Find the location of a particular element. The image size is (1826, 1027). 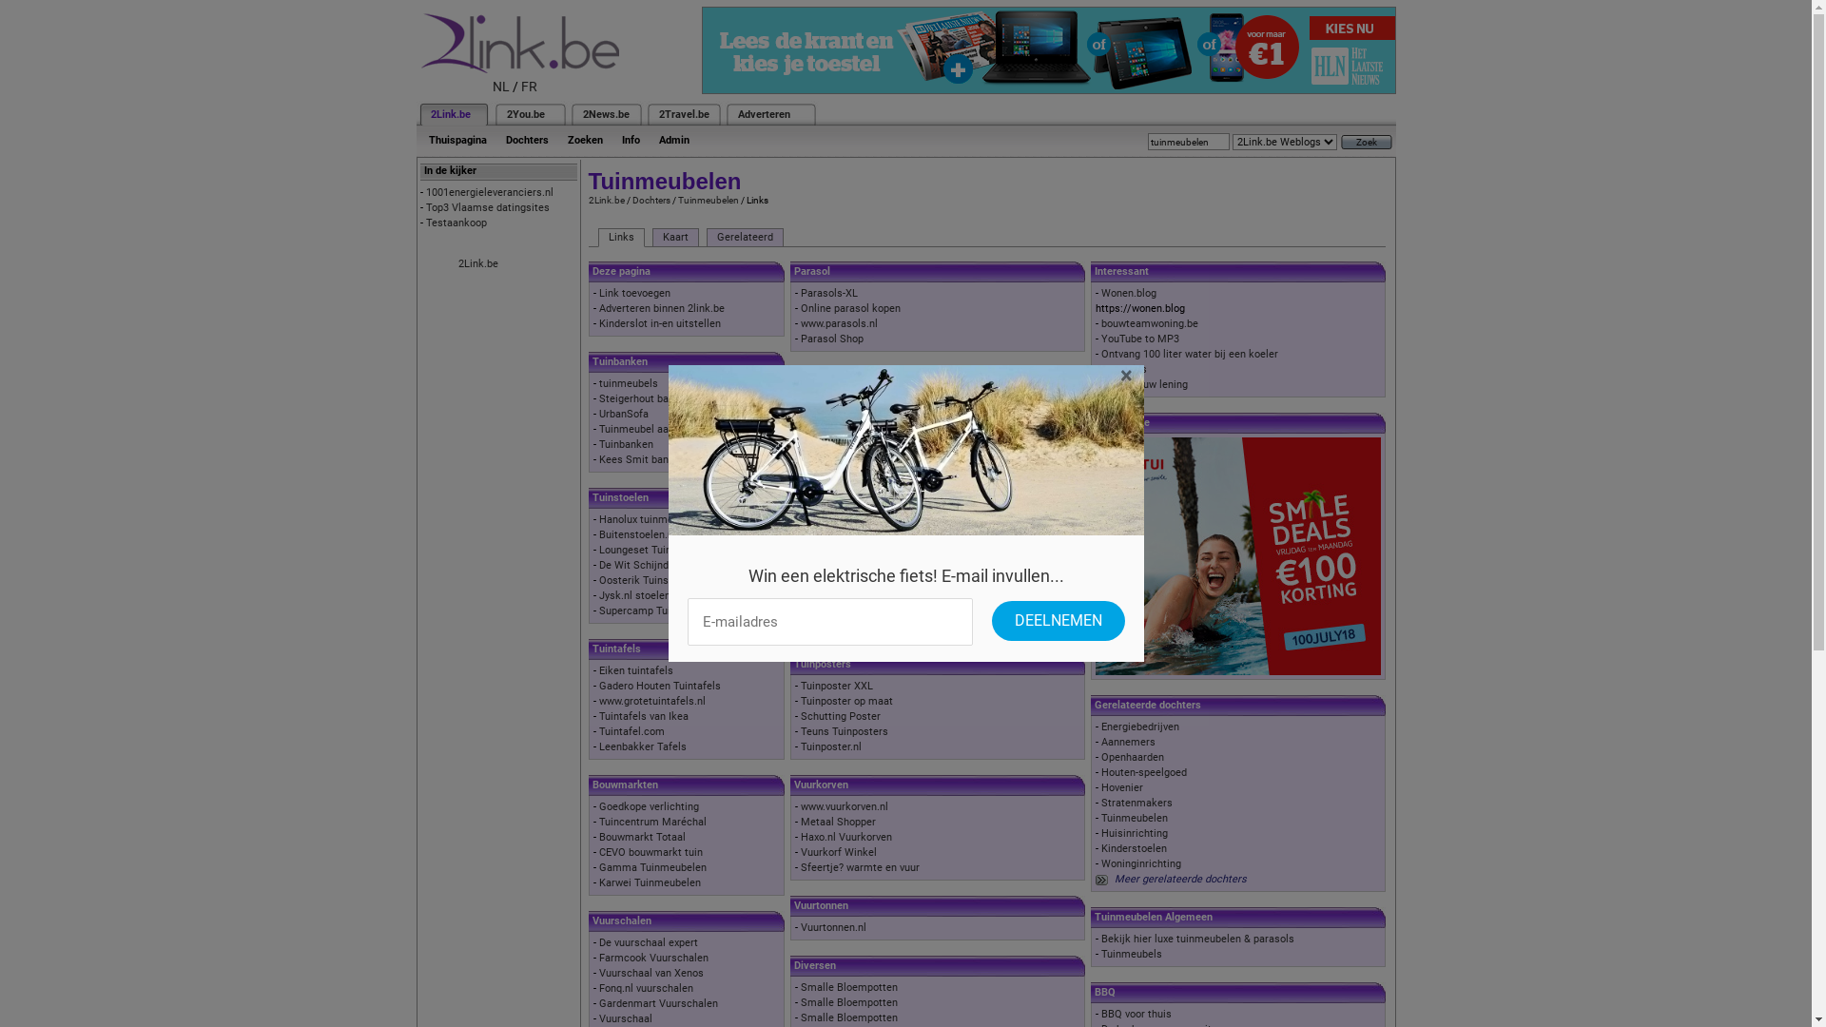

'YouTube to MP3' is located at coordinates (1140, 338).